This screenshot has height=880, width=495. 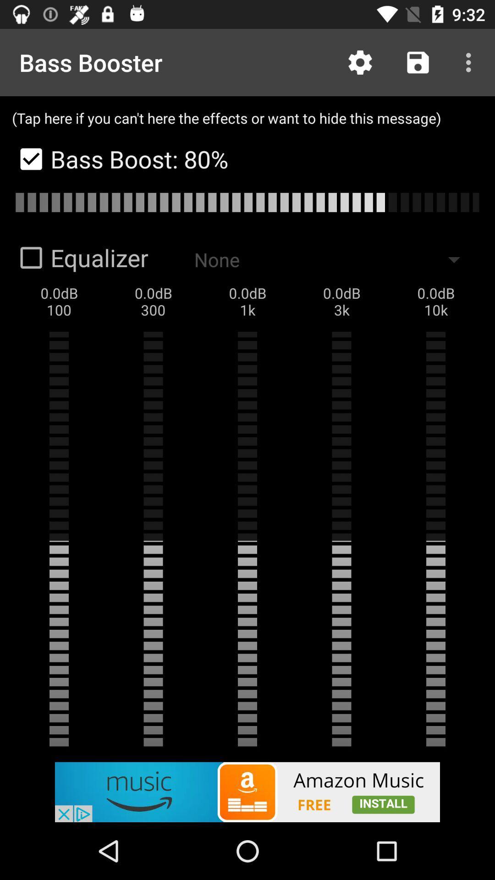 I want to click on click on advertisement, so click(x=247, y=792).